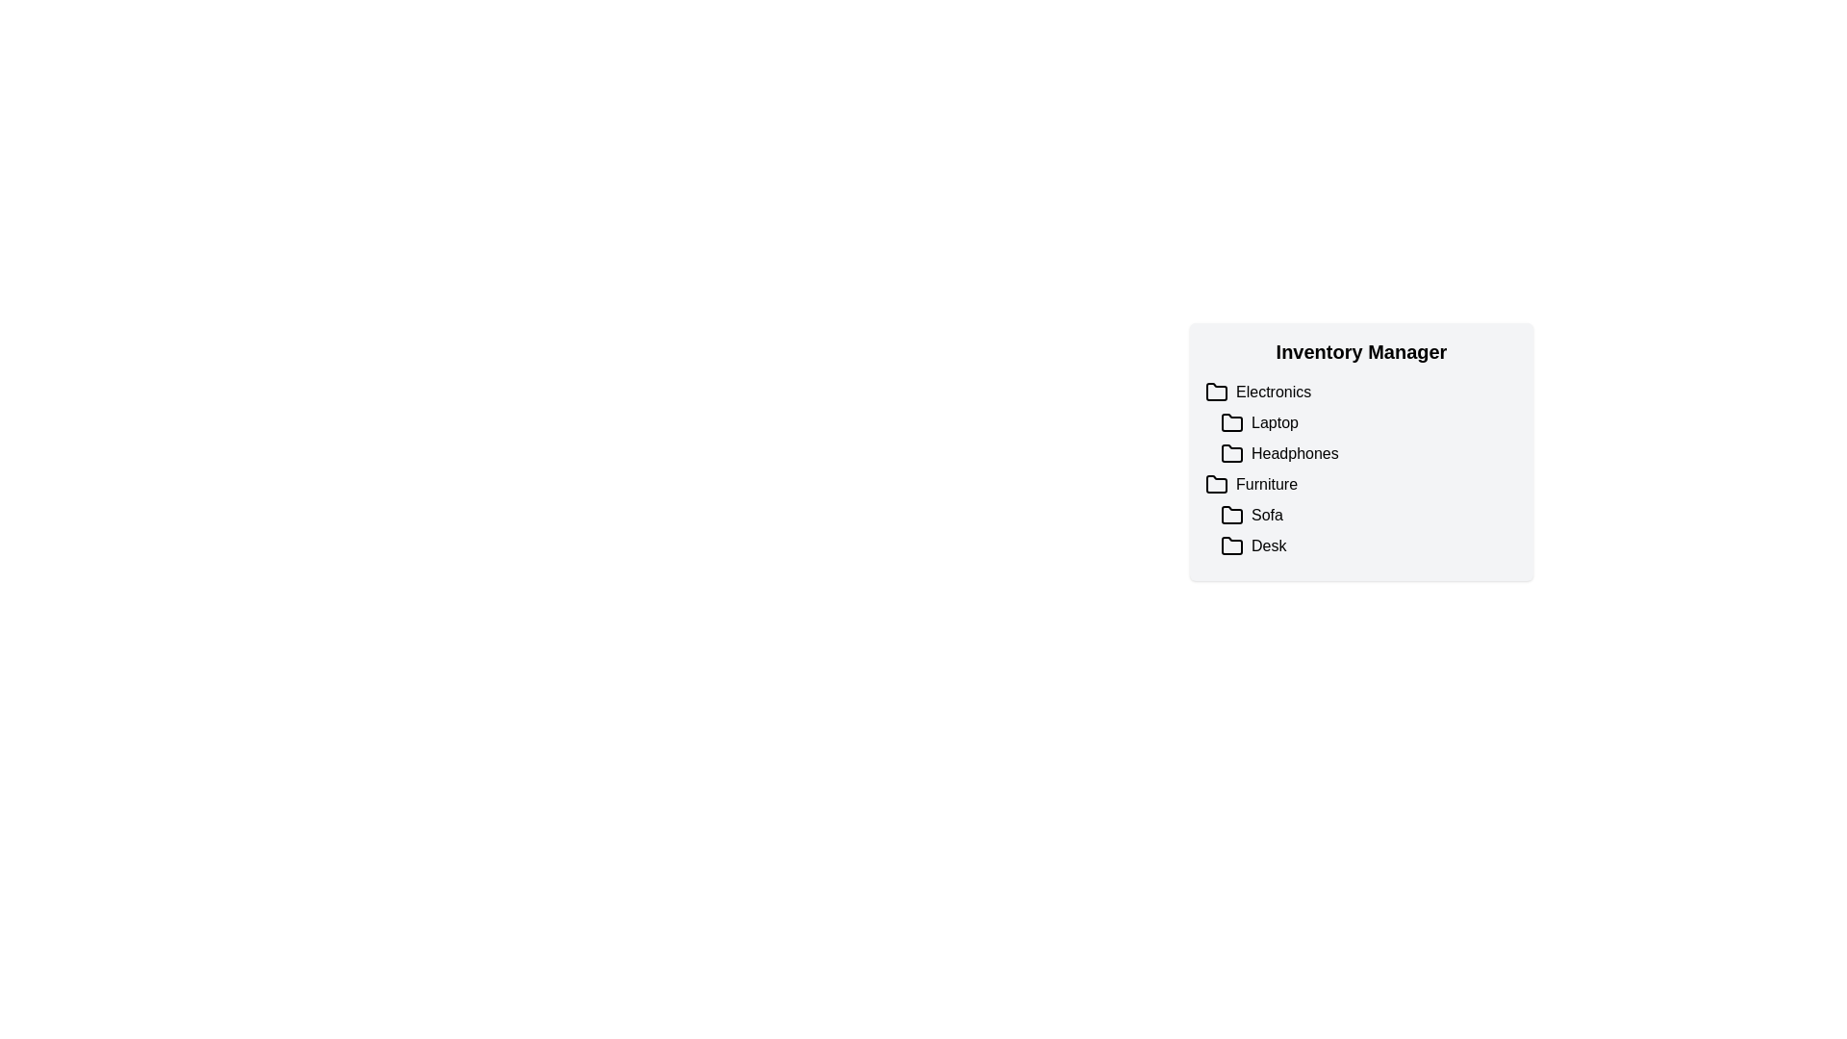 This screenshot has width=1847, height=1039. What do you see at coordinates (1269, 545) in the screenshot?
I see `the last text label in the vertically arranged list under the heading 'Inventory Manager', which follows the 'Sofa' item` at bounding box center [1269, 545].